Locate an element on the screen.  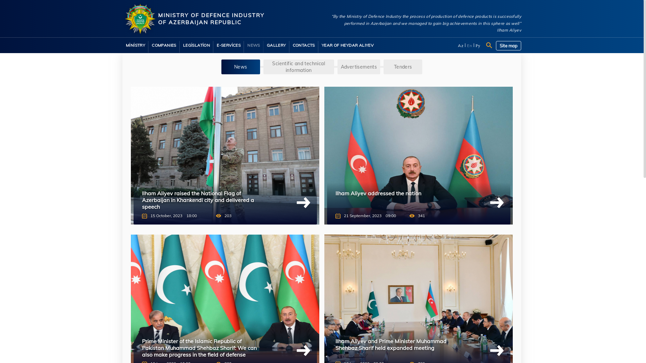
'En' is located at coordinates (469, 45).